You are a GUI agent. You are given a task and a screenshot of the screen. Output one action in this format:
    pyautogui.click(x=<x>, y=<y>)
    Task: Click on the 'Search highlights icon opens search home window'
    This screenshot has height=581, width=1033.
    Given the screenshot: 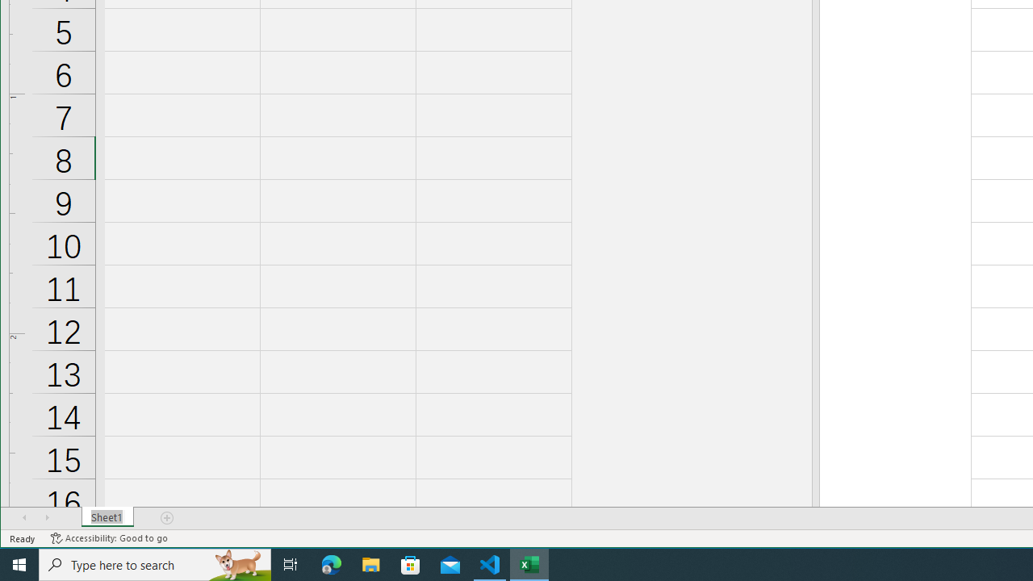 What is the action you would take?
    pyautogui.click(x=237, y=563)
    